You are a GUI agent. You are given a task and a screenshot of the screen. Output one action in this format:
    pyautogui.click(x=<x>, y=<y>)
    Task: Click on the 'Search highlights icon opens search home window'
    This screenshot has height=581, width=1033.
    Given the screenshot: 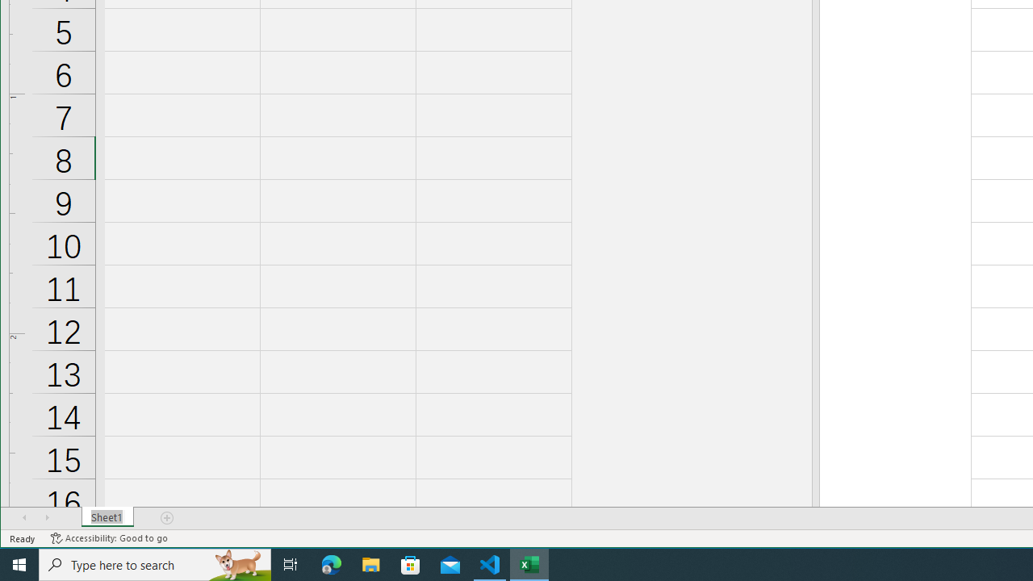 What is the action you would take?
    pyautogui.click(x=237, y=563)
    